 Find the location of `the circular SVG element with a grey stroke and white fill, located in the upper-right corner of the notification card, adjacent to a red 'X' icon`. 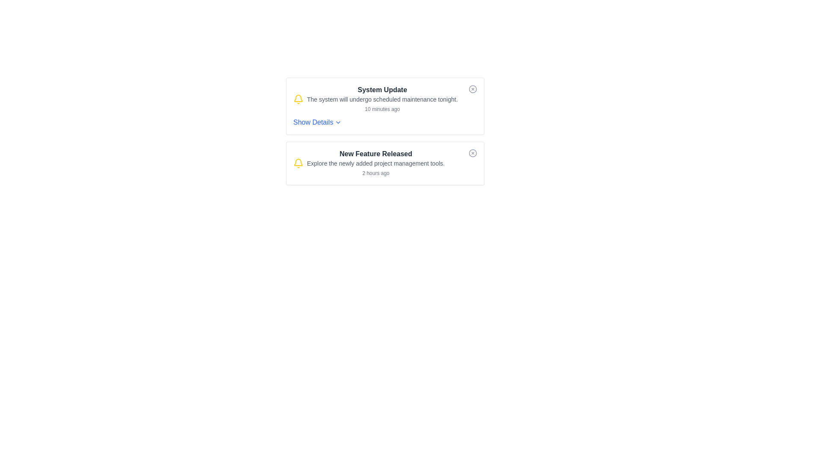

the circular SVG element with a grey stroke and white fill, located in the upper-right corner of the notification card, adjacent to a red 'X' icon is located at coordinates (472, 152).